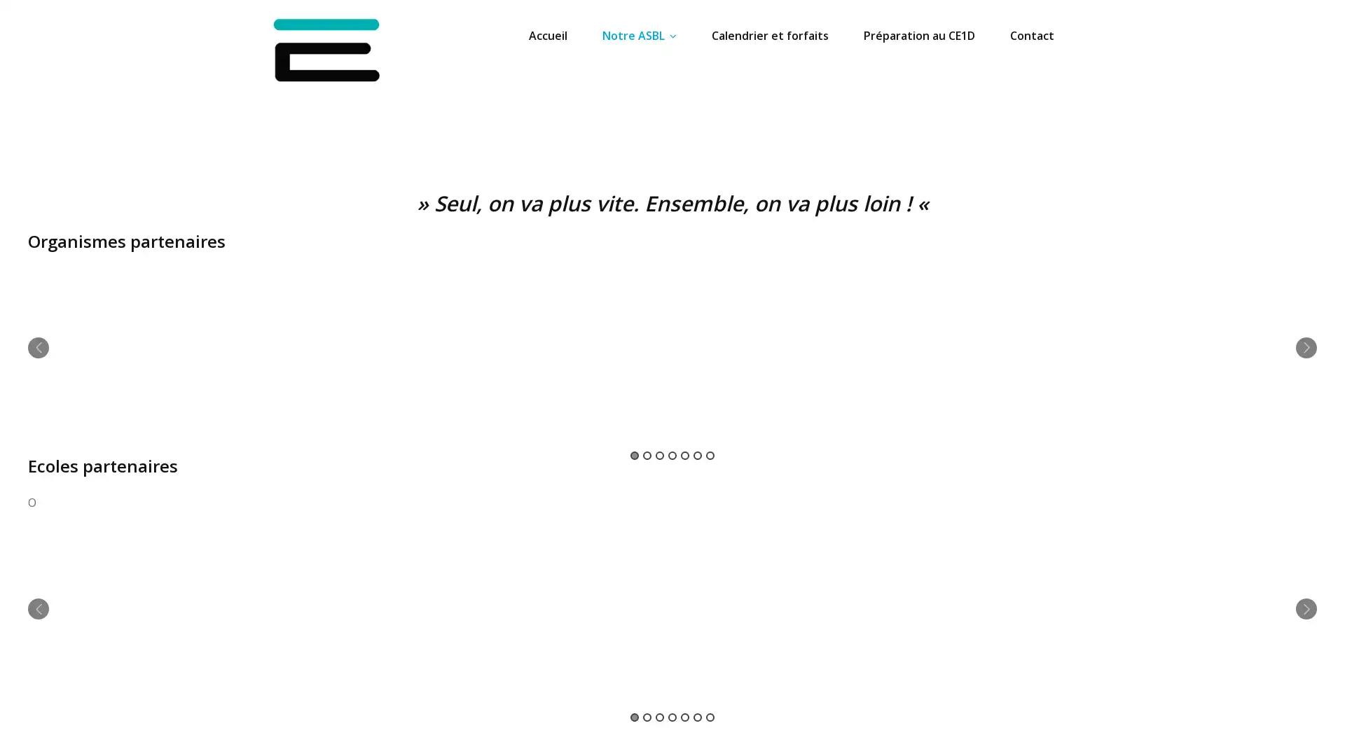 This screenshot has height=756, width=1345. Describe the element at coordinates (647, 456) in the screenshot. I see `2` at that location.